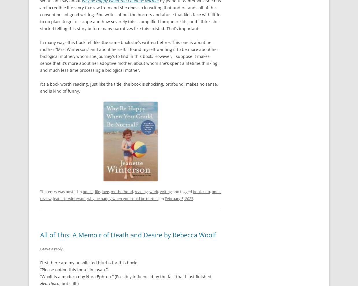 This screenshot has width=358, height=286. Describe the element at coordinates (161, 198) in the screenshot. I see `'on'` at that location.